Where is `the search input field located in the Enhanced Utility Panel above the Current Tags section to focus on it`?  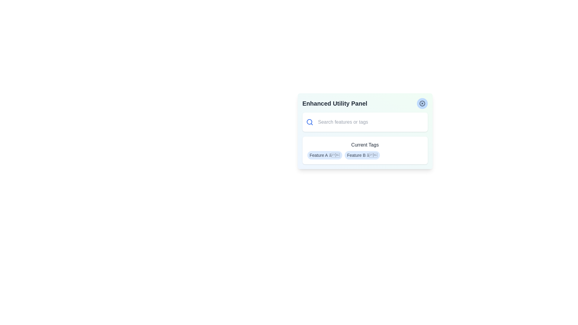
the search input field located in the Enhanced Utility Panel above the Current Tags section to focus on it is located at coordinates (365, 122).